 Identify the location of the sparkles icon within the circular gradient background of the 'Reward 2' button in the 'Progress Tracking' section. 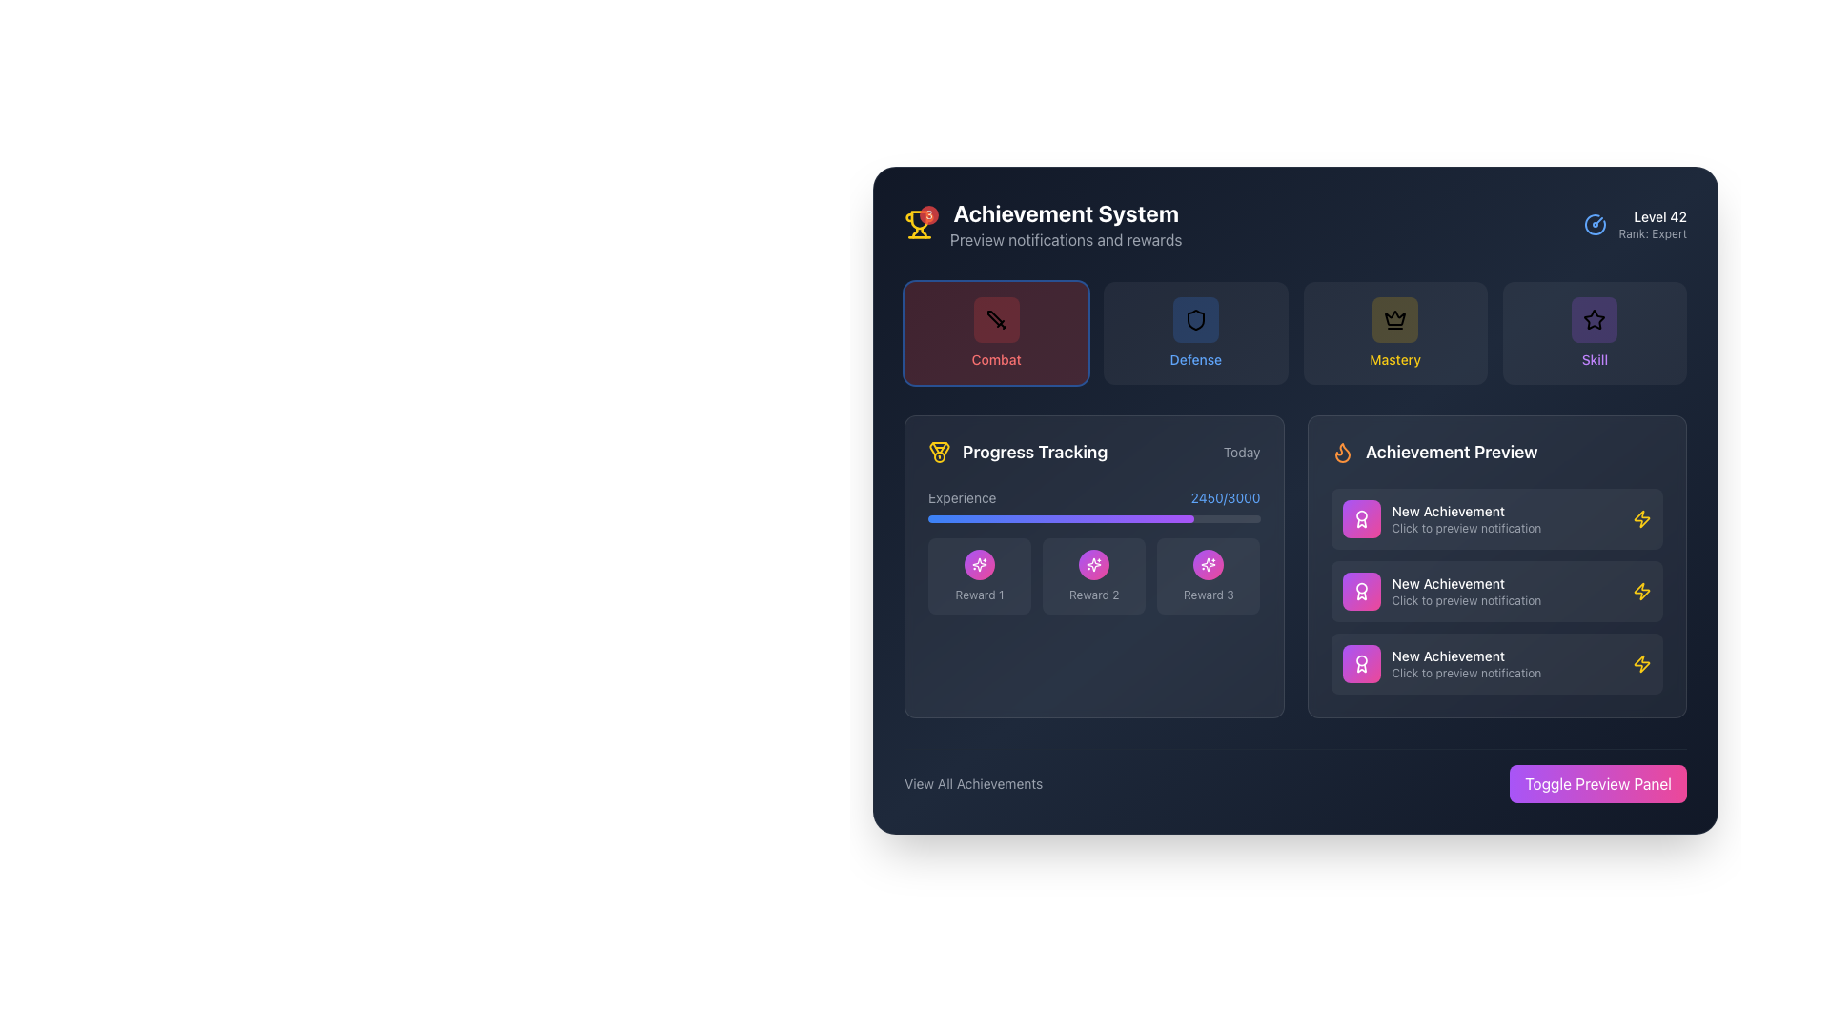
(1094, 564).